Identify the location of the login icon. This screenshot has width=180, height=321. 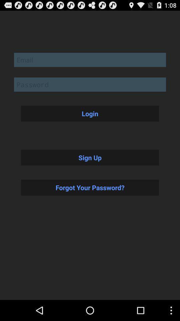
(90, 113).